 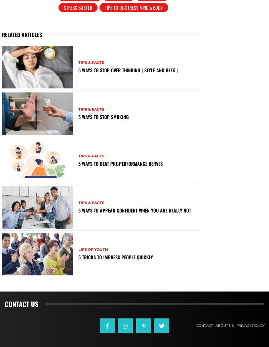 I want to click on '5 Tricks to Impress People Quickly', so click(x=78, y=257).